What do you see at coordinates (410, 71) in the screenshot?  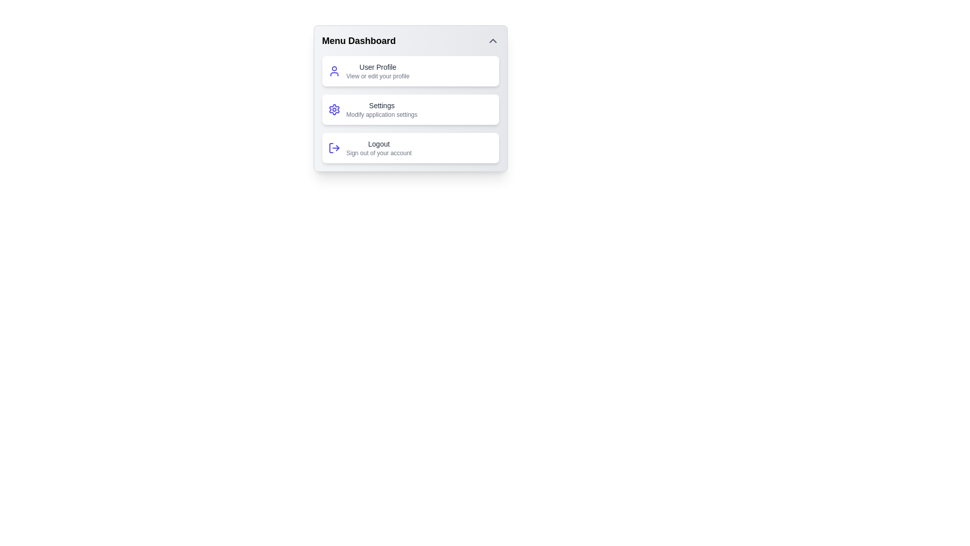 I see `the menu action User Profile by clicking on the corresponding menu item` at bounding box center [410, 71].